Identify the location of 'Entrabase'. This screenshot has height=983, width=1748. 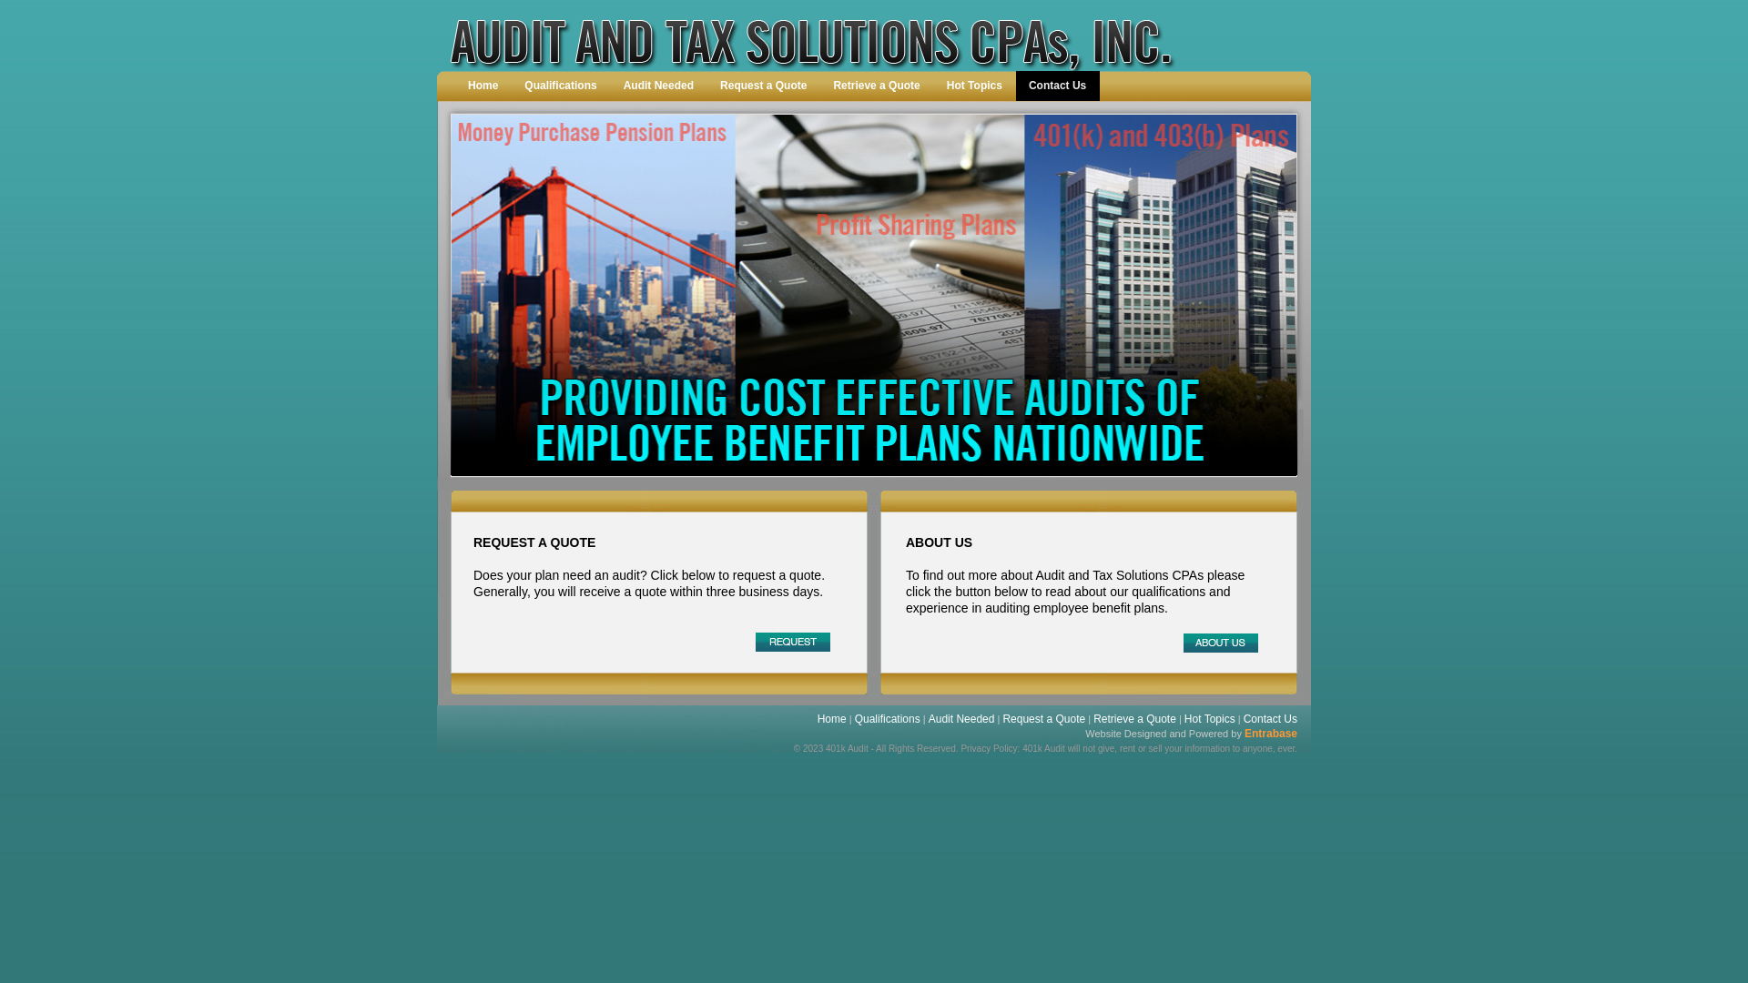
(1270, 733).